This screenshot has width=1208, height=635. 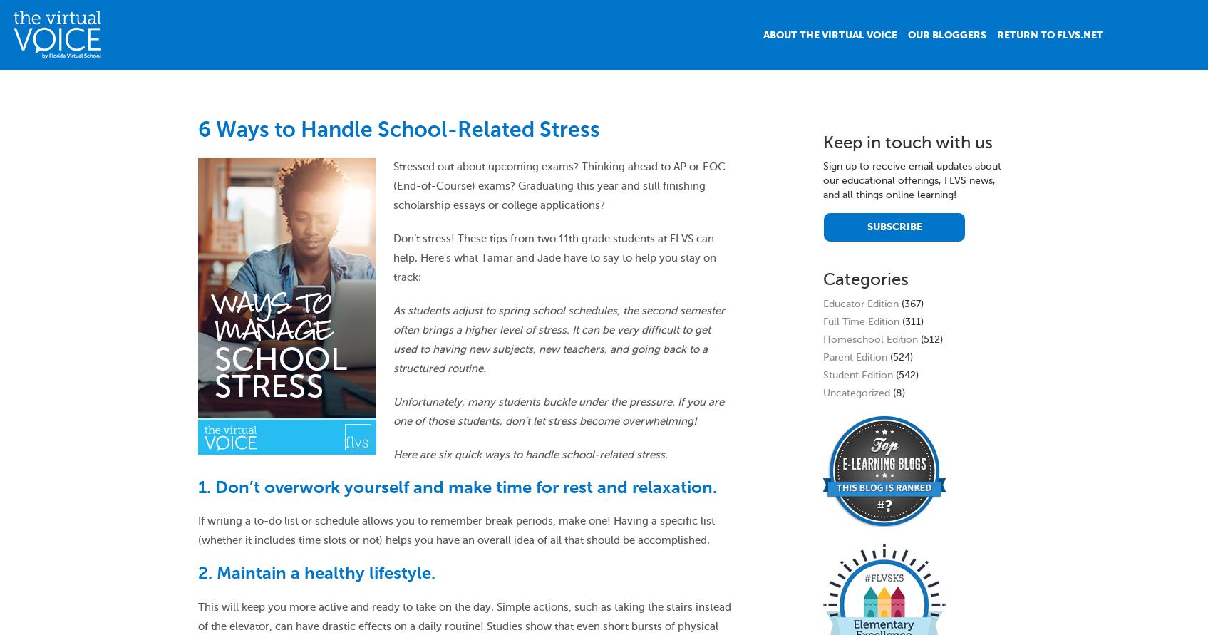 I want to click on 'Don’t stress! These tips from two 11th grade students at FLVS can help. Here’s what Tamar and Jade have to say to help you stay on track:', so click(x=553, y=258).